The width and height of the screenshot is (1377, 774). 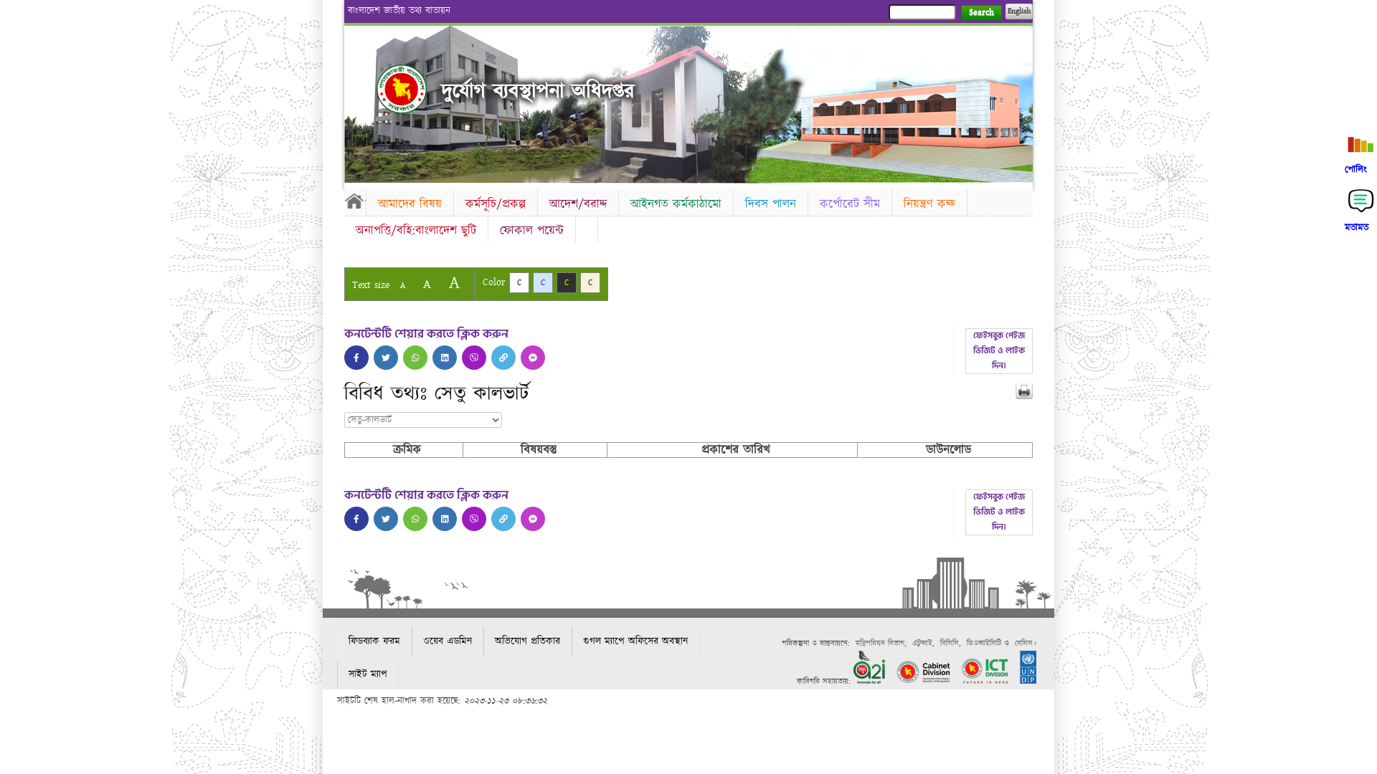 What do you see at coordinates (426, 284) in the screenshot?
I see `'A'` at bounding box center [426, 284].